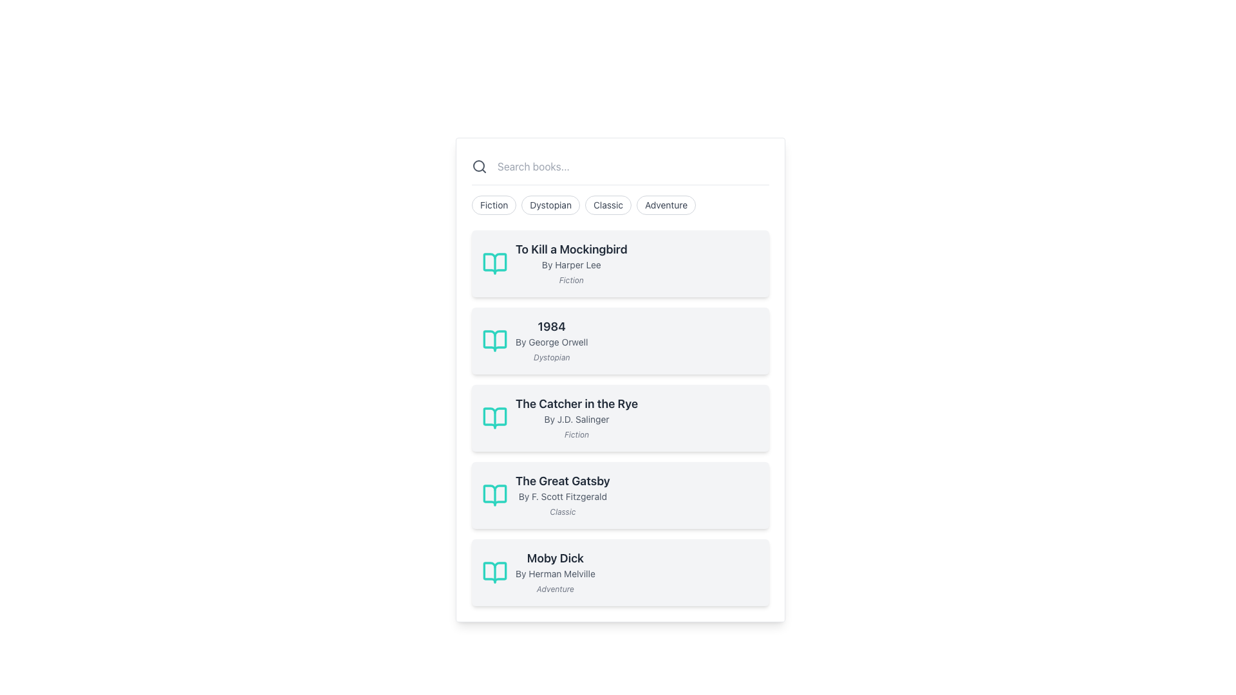 This screenshot has width=1236, height=695. What do you see at coordinates (563, 481) in the screenshot?
I see `the title text label of the book in the fourth card of the vertical list, which displays the title above the author name 'By F. Scott Fitzgerald' and the genre 'Classic'` at bounding box center [563, 481].